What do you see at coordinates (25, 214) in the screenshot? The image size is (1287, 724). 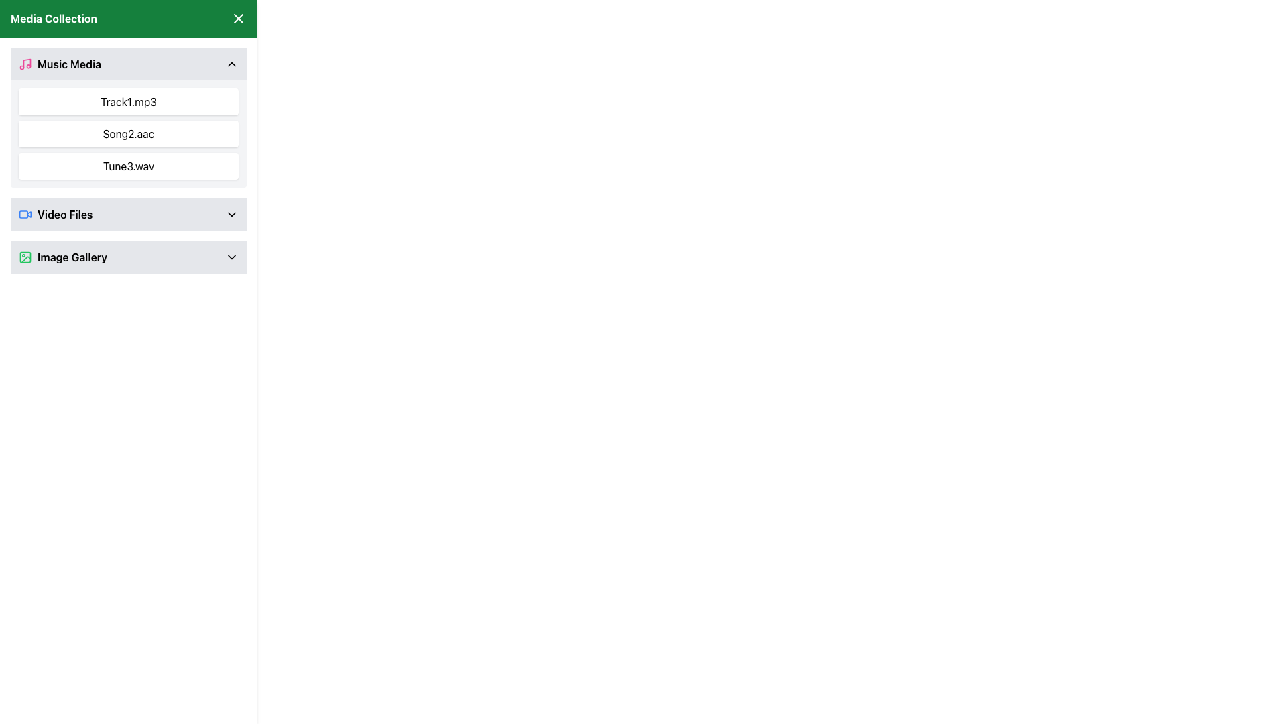 I see `the video camera icon with a blue outline, located to the left of the 'Video Files' text in the sidebar interface` at bounding box center [25, 214].